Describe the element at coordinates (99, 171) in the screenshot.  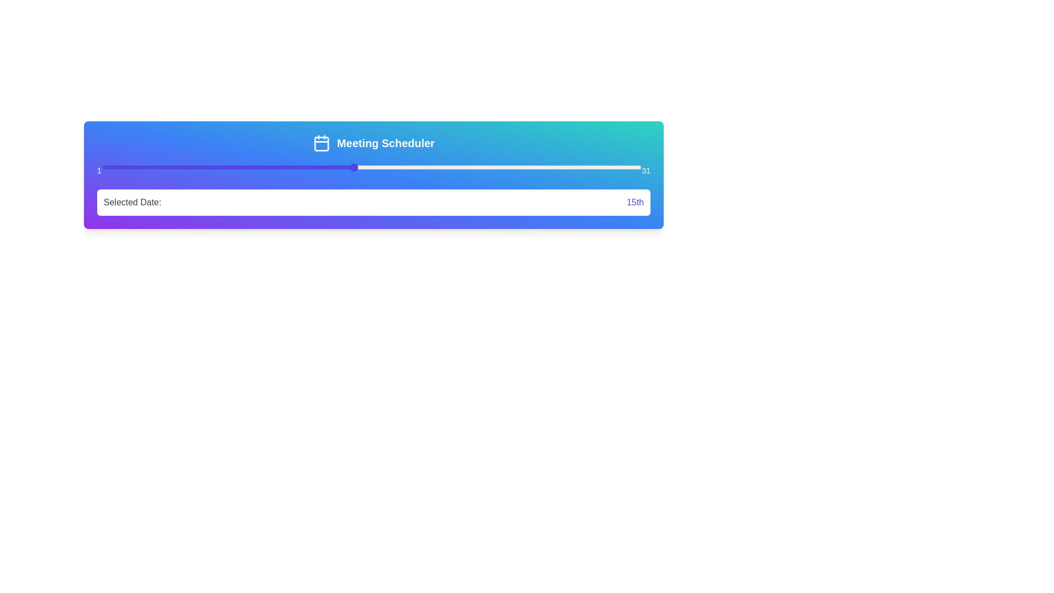
I see `the static text label displaying the number '1', which is positioned at the extreme left of the slider track` at that location.